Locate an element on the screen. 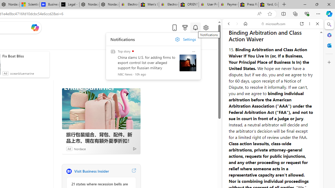  'New Tab' is located at coordinates (284, 4).